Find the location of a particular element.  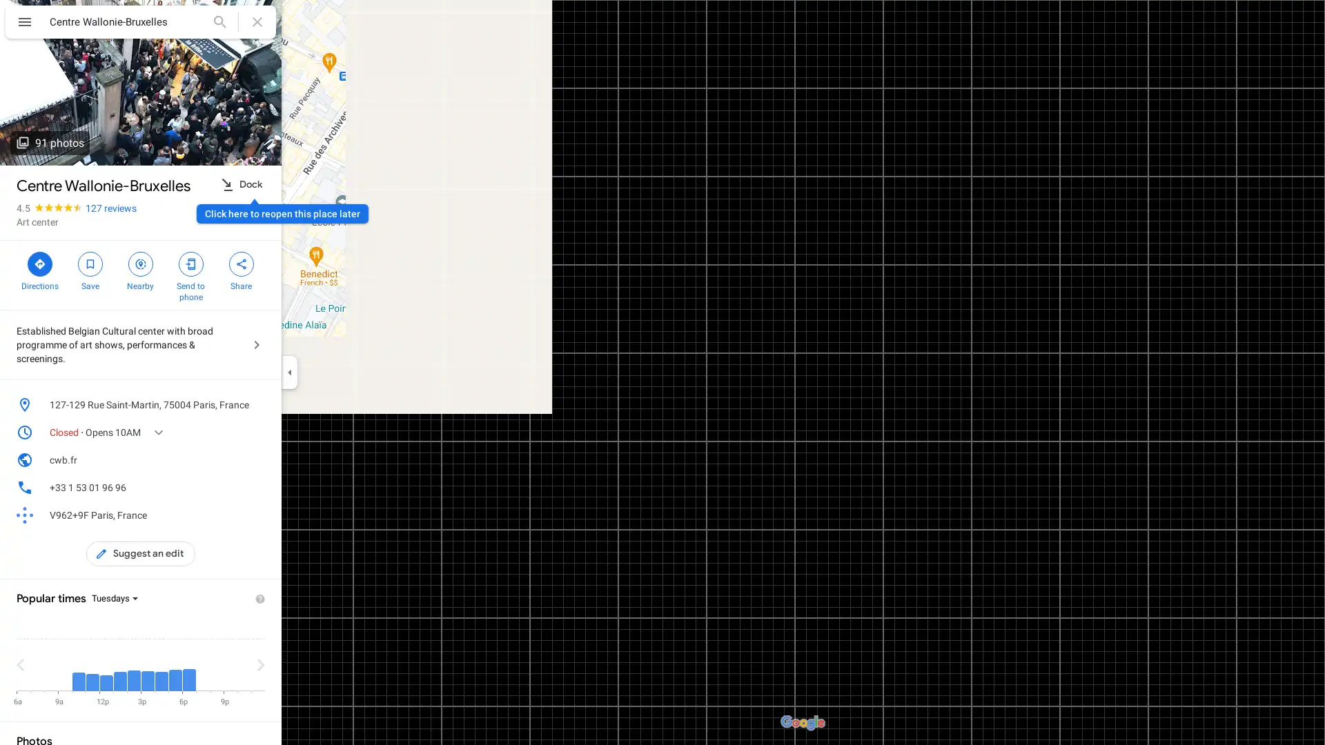

Information about Popular Times is located at coordinates (260, 597).